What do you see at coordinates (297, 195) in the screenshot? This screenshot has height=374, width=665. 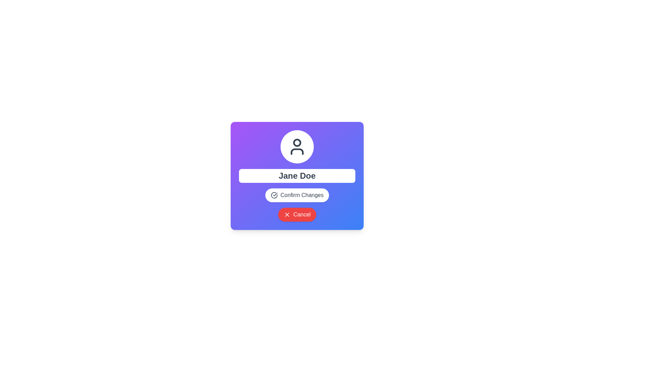 I see `the button that finalizes or applies changes, located directly below the text 'Jane Doe'` at bounding box center [297, 195].